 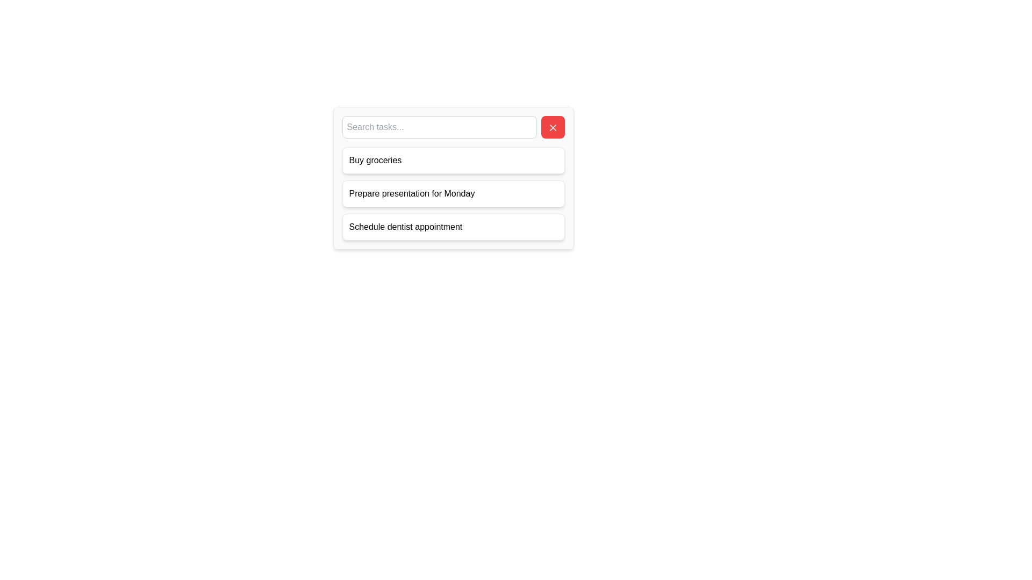 I want to click on the close button icon resembling an 'X' with a red background to observe the tooltip, if present, so click(x=553, y=127).